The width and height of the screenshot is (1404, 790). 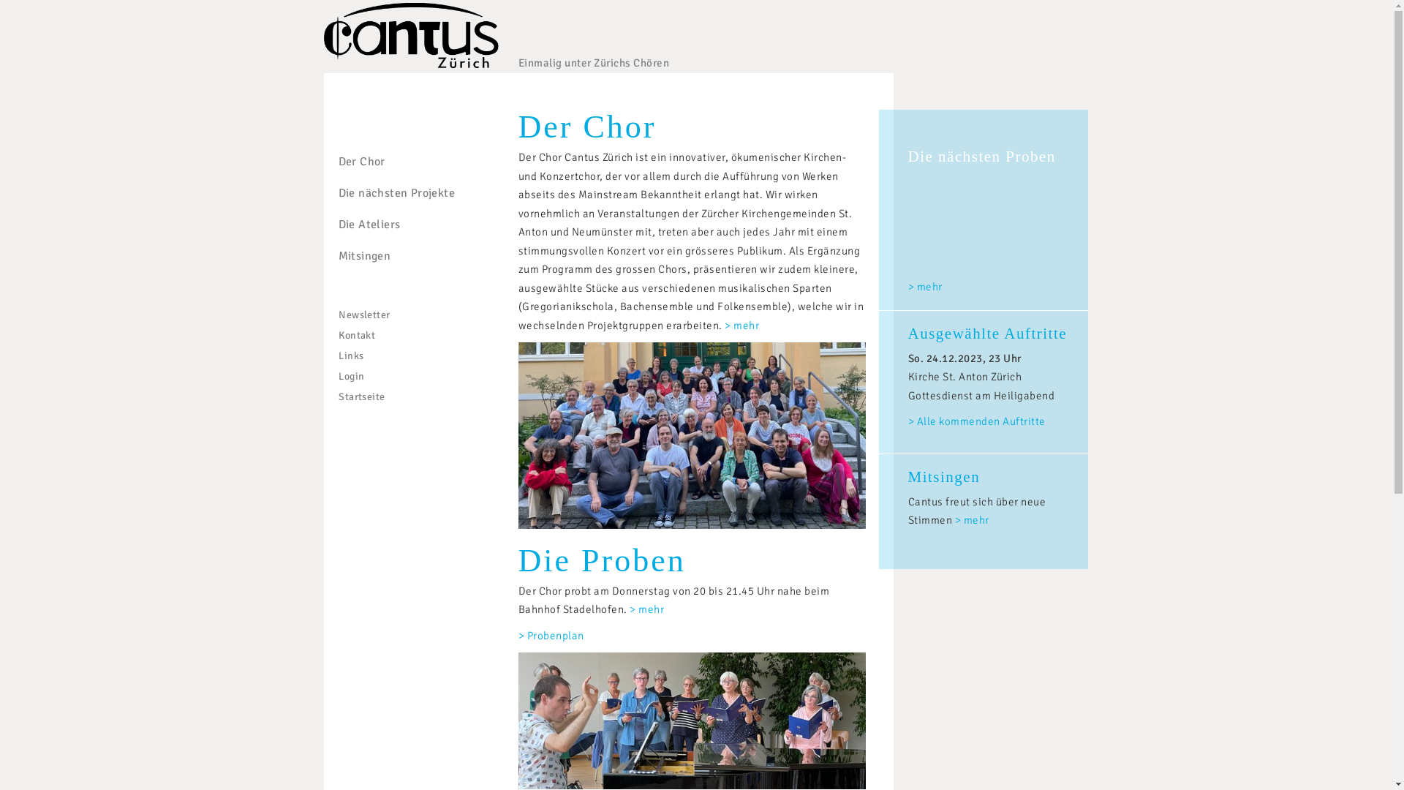 What do you see at coordinates (361, 314) in the screenshot?
I see `'Newsletter'` at bounding box center [361, 314].